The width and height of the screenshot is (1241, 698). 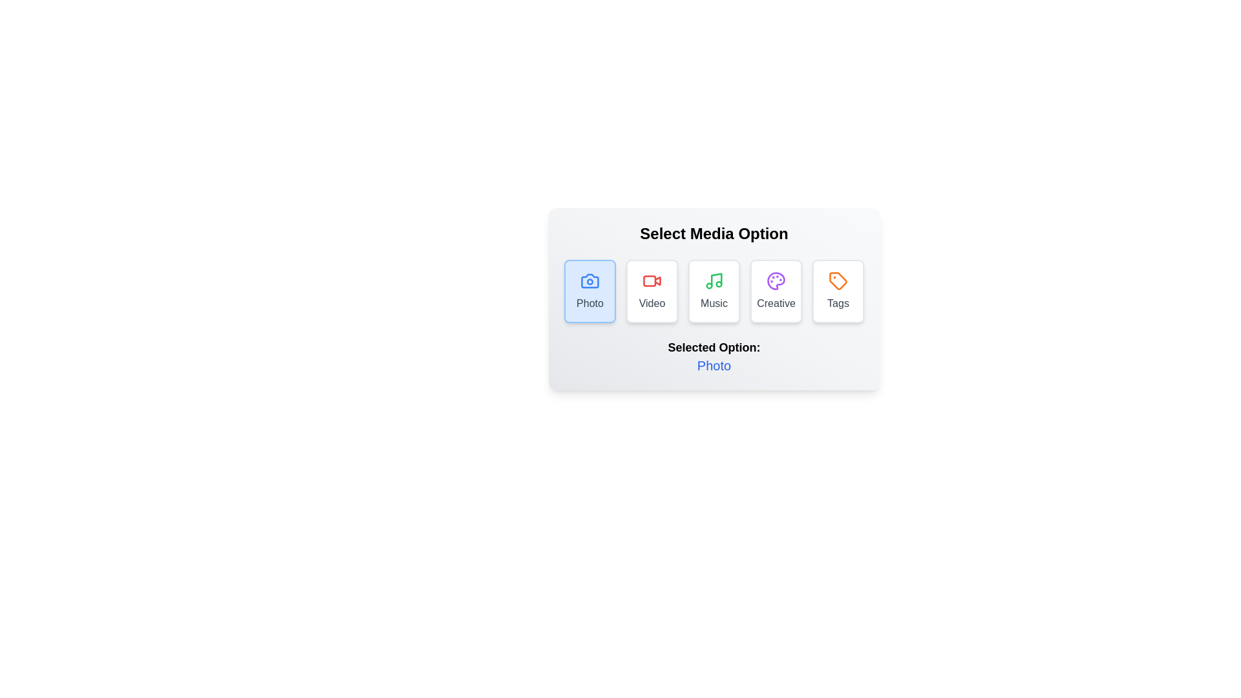 I want to click on the media option Creative by clicking on its corresponding button, so click(x=776, y=291).